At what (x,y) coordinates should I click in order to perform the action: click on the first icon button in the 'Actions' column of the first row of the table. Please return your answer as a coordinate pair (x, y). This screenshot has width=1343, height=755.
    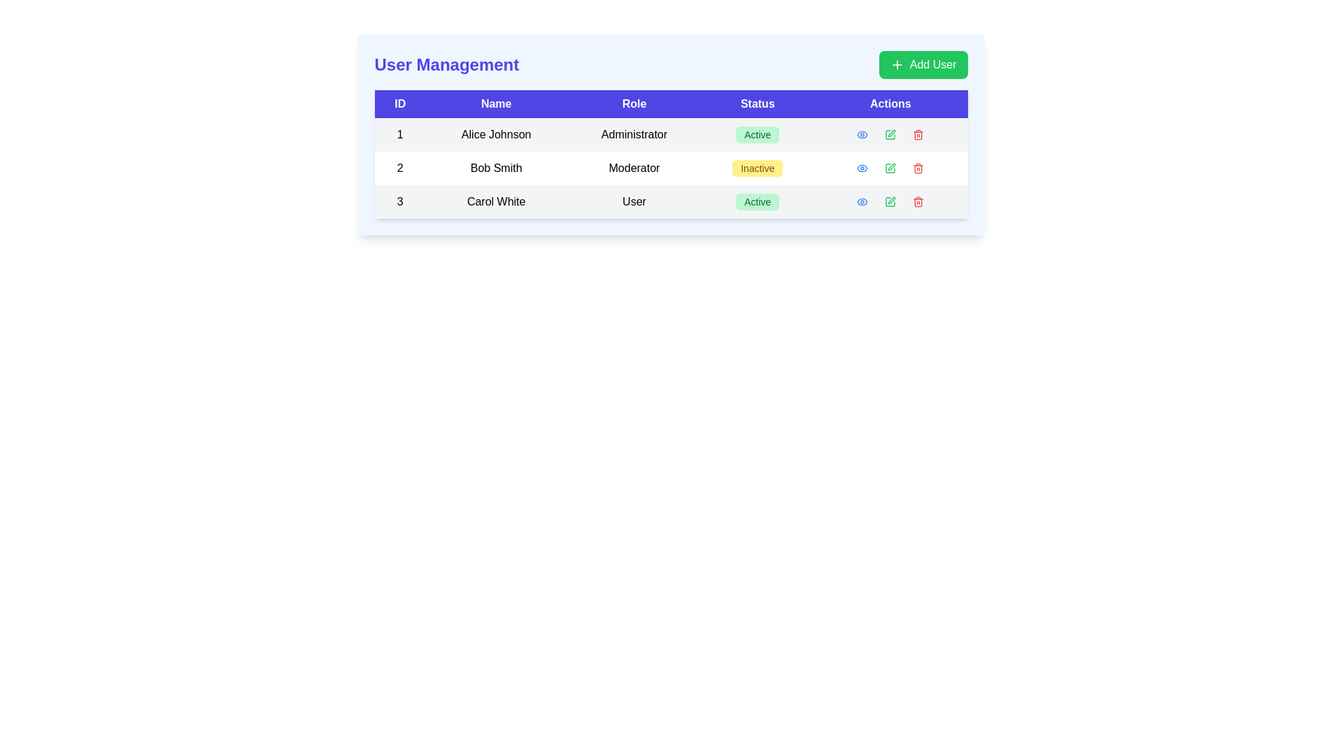
    Looking at the image, I should click on (862, 134).